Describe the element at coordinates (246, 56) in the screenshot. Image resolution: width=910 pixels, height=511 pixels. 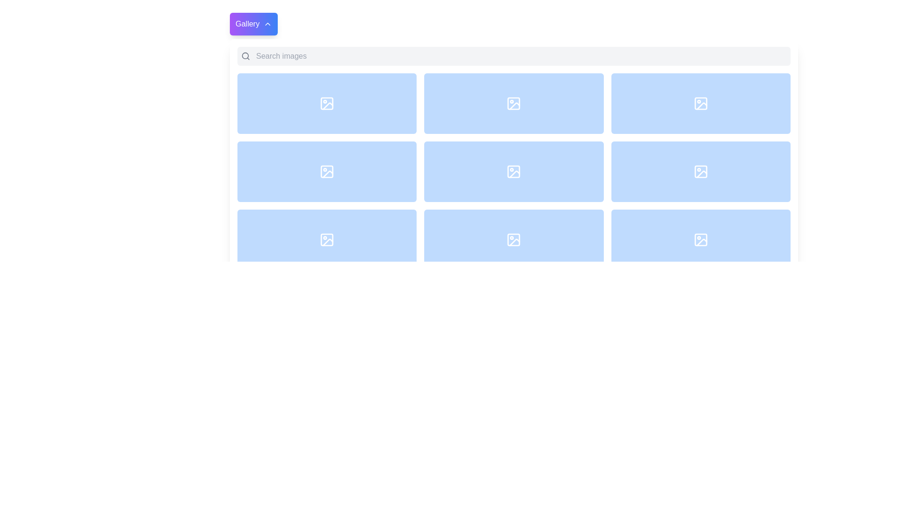
I see `the gray magnifying glass icon with rounded edges located to the left of the 'Search images' input field in the top horizontal bar of the application` at that location.